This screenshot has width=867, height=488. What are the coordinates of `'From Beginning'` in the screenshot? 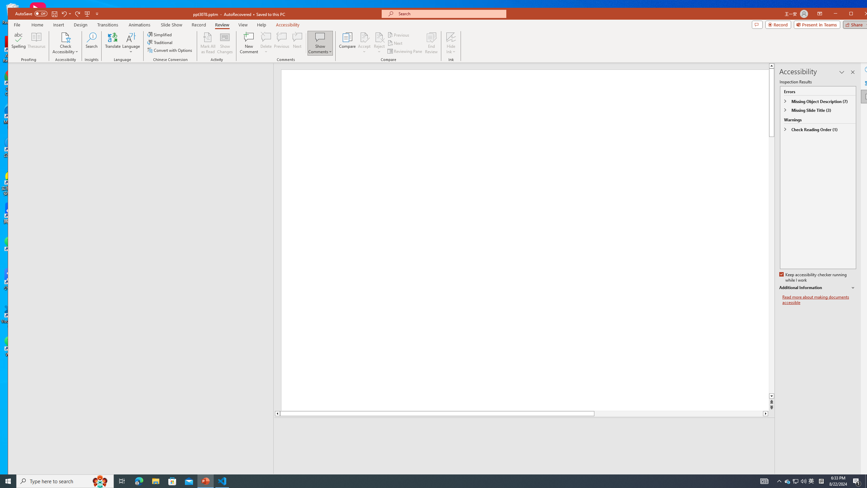 It's located at (87, 13).